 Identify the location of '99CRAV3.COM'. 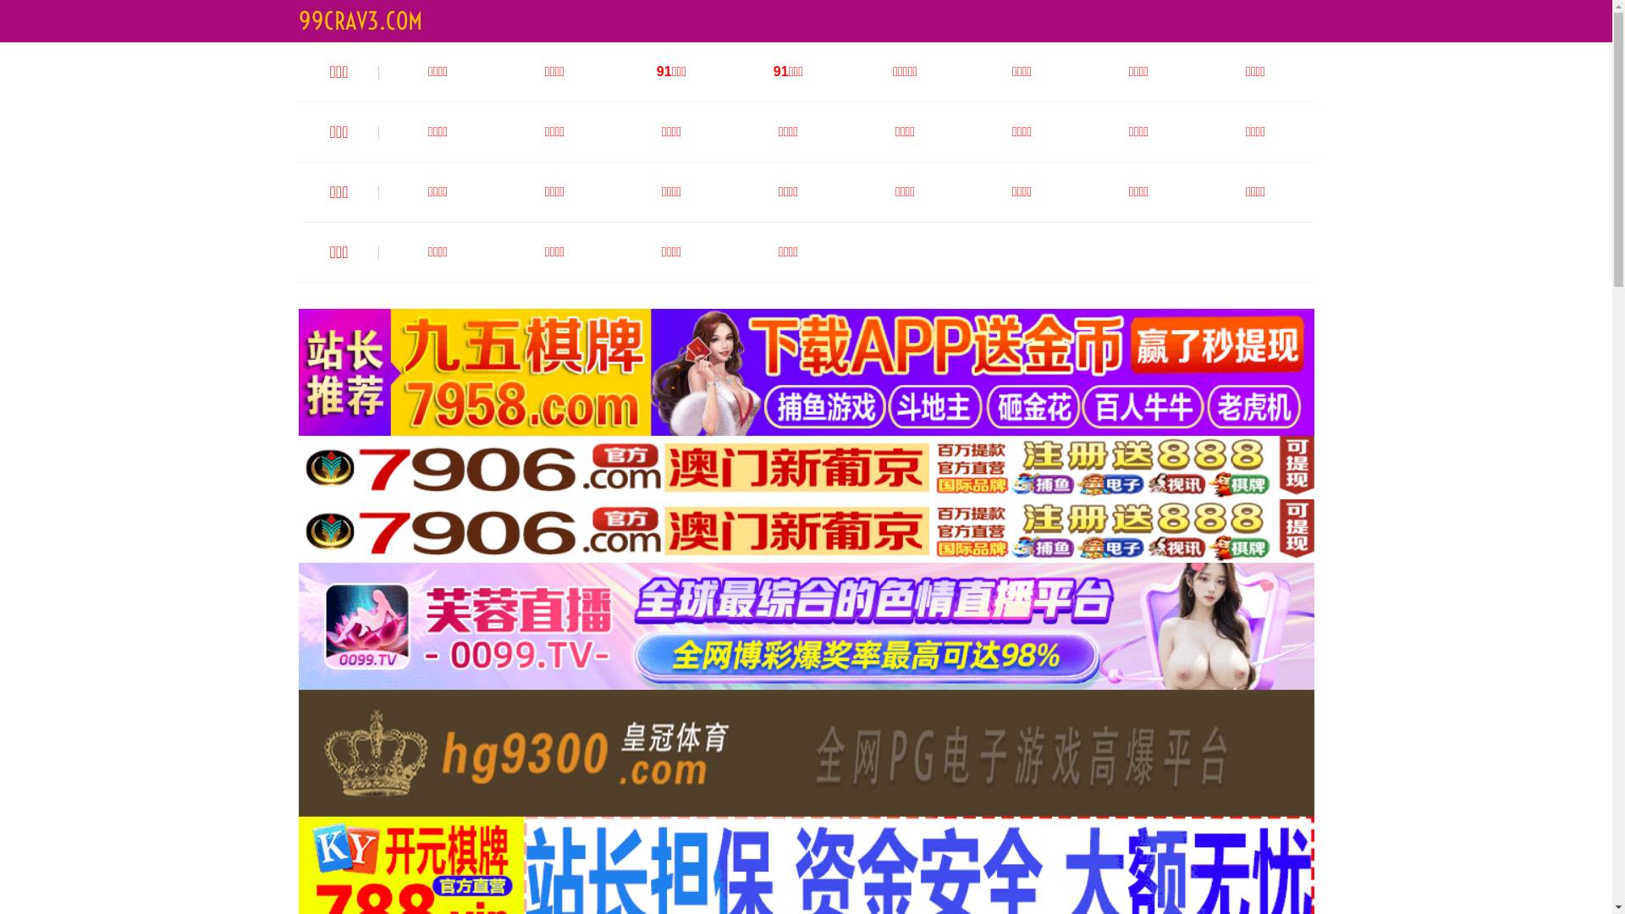
(359, 20).